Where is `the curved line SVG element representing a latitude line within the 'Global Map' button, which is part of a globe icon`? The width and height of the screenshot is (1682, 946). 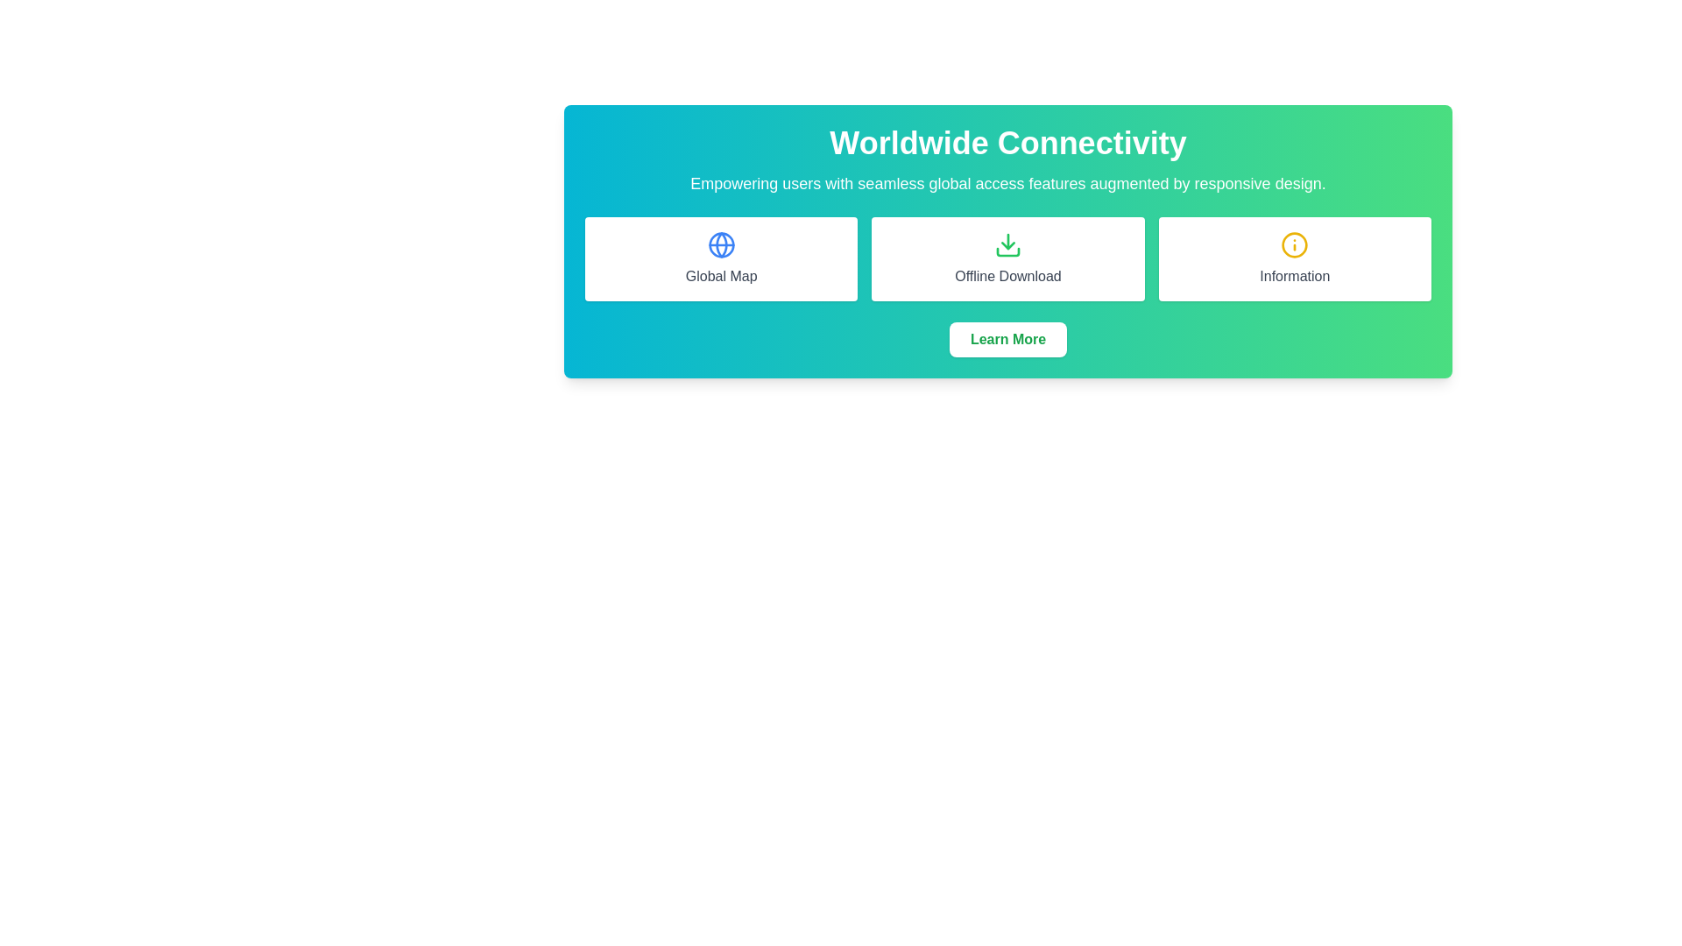 the curved line SVG element representing a latitude line within the 'Global Map' button, which is part of a globe icon is located at coordinates (721, 245).